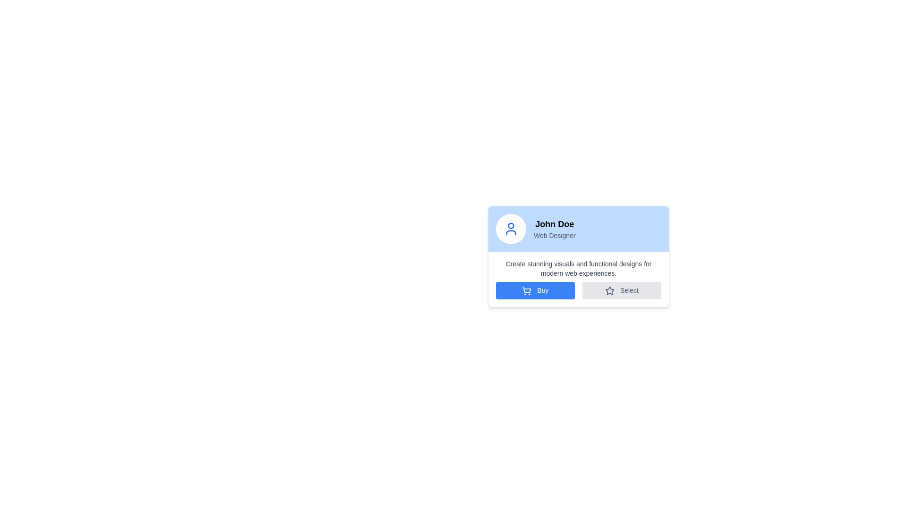 This screenshot has height=510, width=907. What do you see at coordinates (578, 269) in the screenshot?
I see `the descriptive text element providing context about the web designer 'John Doe', which is located under the header section and above the buttons 'Buy' and 'Select'` at bounding box center [578, 269].